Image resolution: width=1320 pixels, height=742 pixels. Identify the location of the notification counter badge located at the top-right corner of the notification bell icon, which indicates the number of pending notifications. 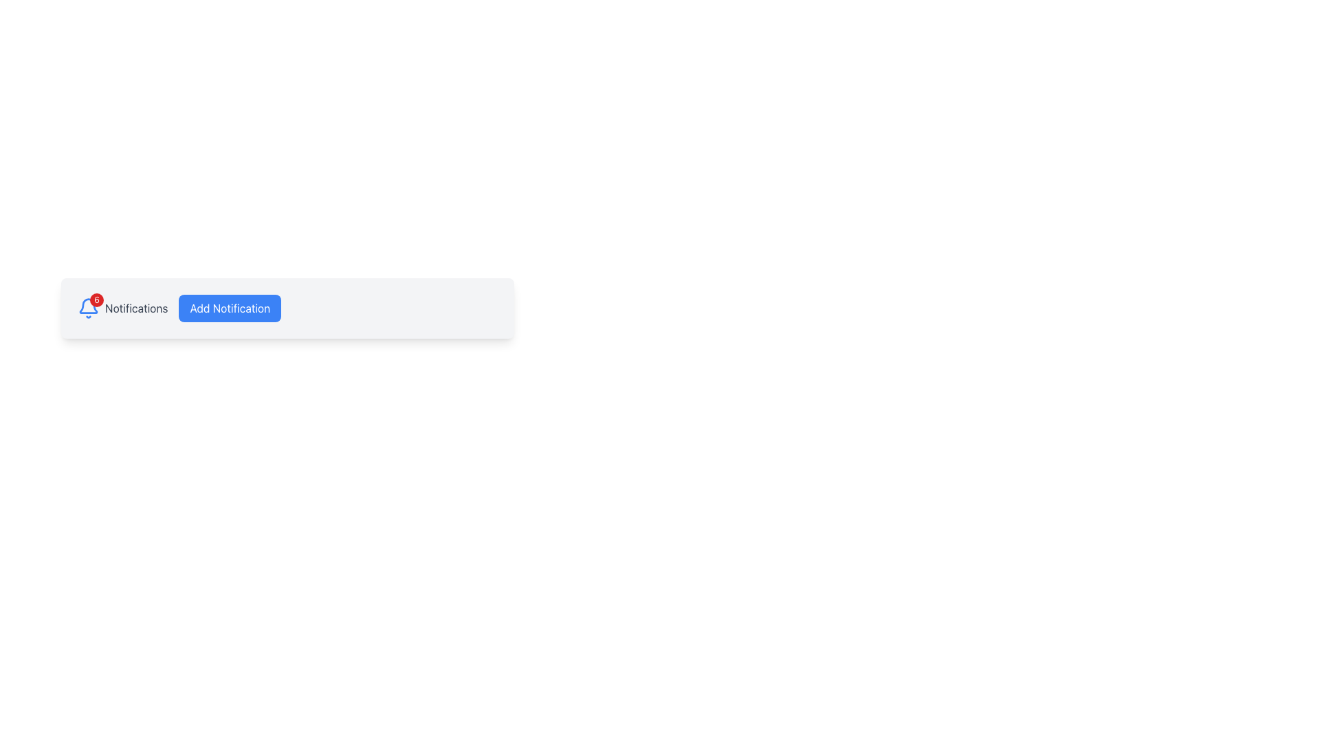
(96, 299).